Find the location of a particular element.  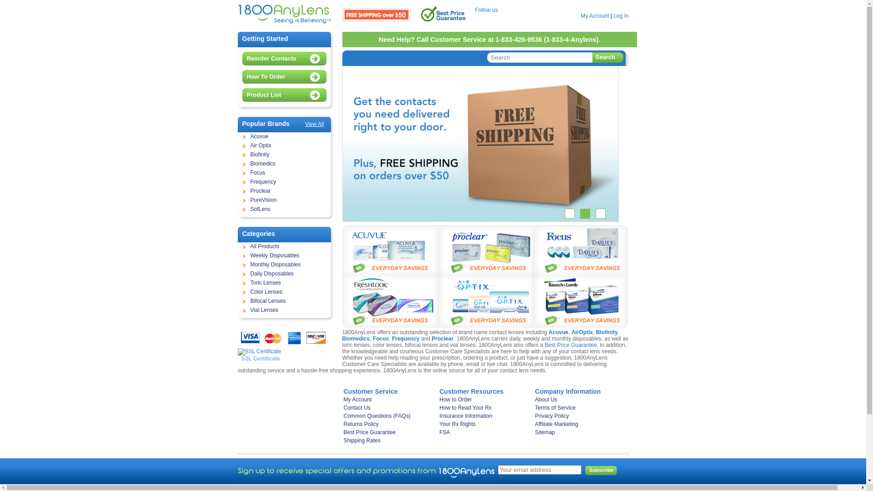

'View All' is located at coordinates (314, 124).